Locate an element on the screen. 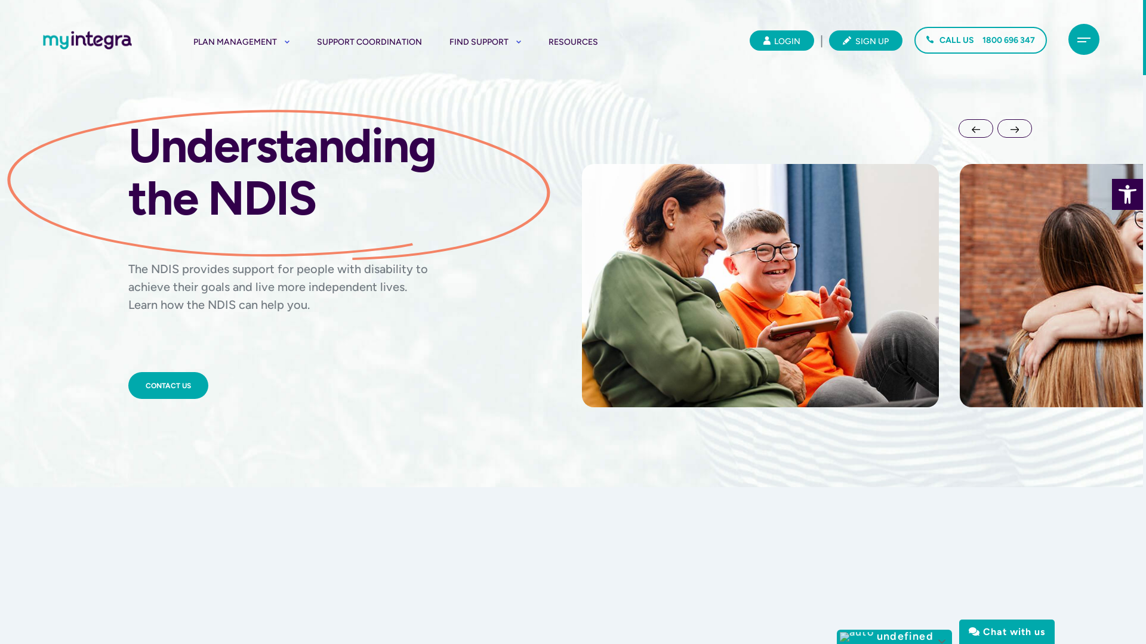 This screenshot has width=1146, height=644. 'SIGN UP' is located at coordinates (865, 40).